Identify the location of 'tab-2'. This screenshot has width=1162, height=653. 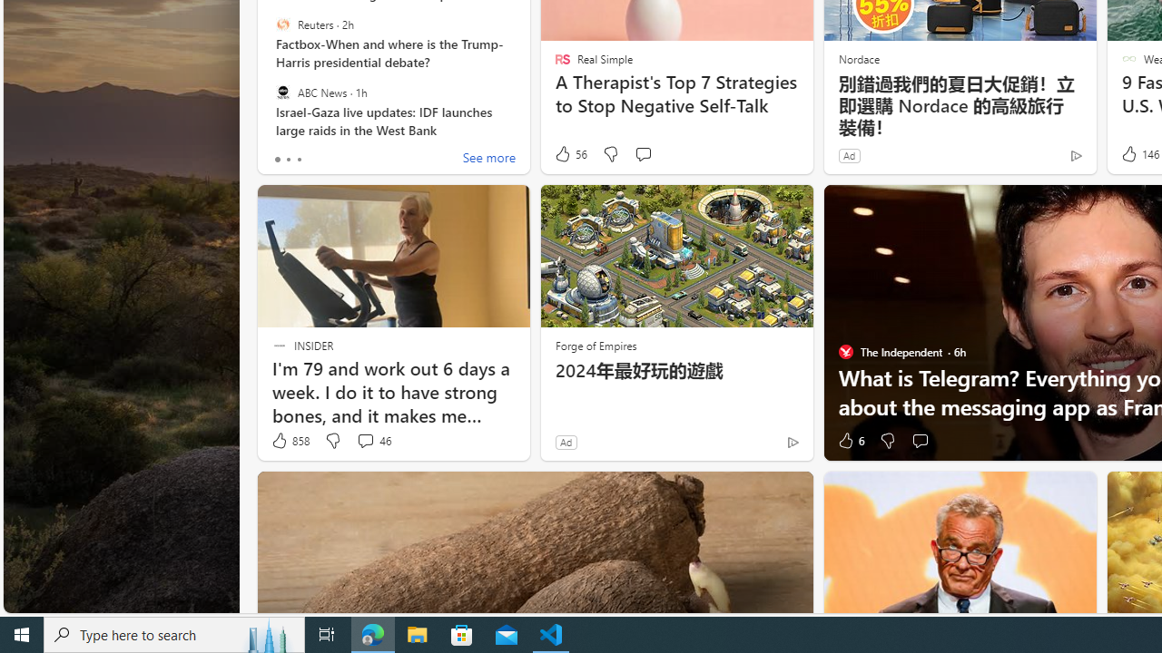
(298, 159).